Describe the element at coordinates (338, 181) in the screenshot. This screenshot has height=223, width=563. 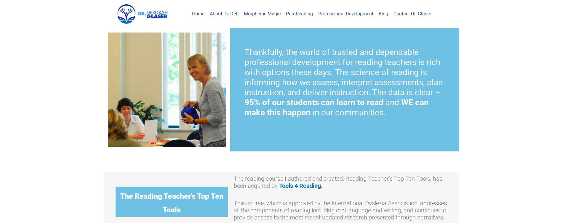
I see `'The reading course I authored and created, Reading Teacher’s Top Ten Tools, has been acquired by'` at that location.